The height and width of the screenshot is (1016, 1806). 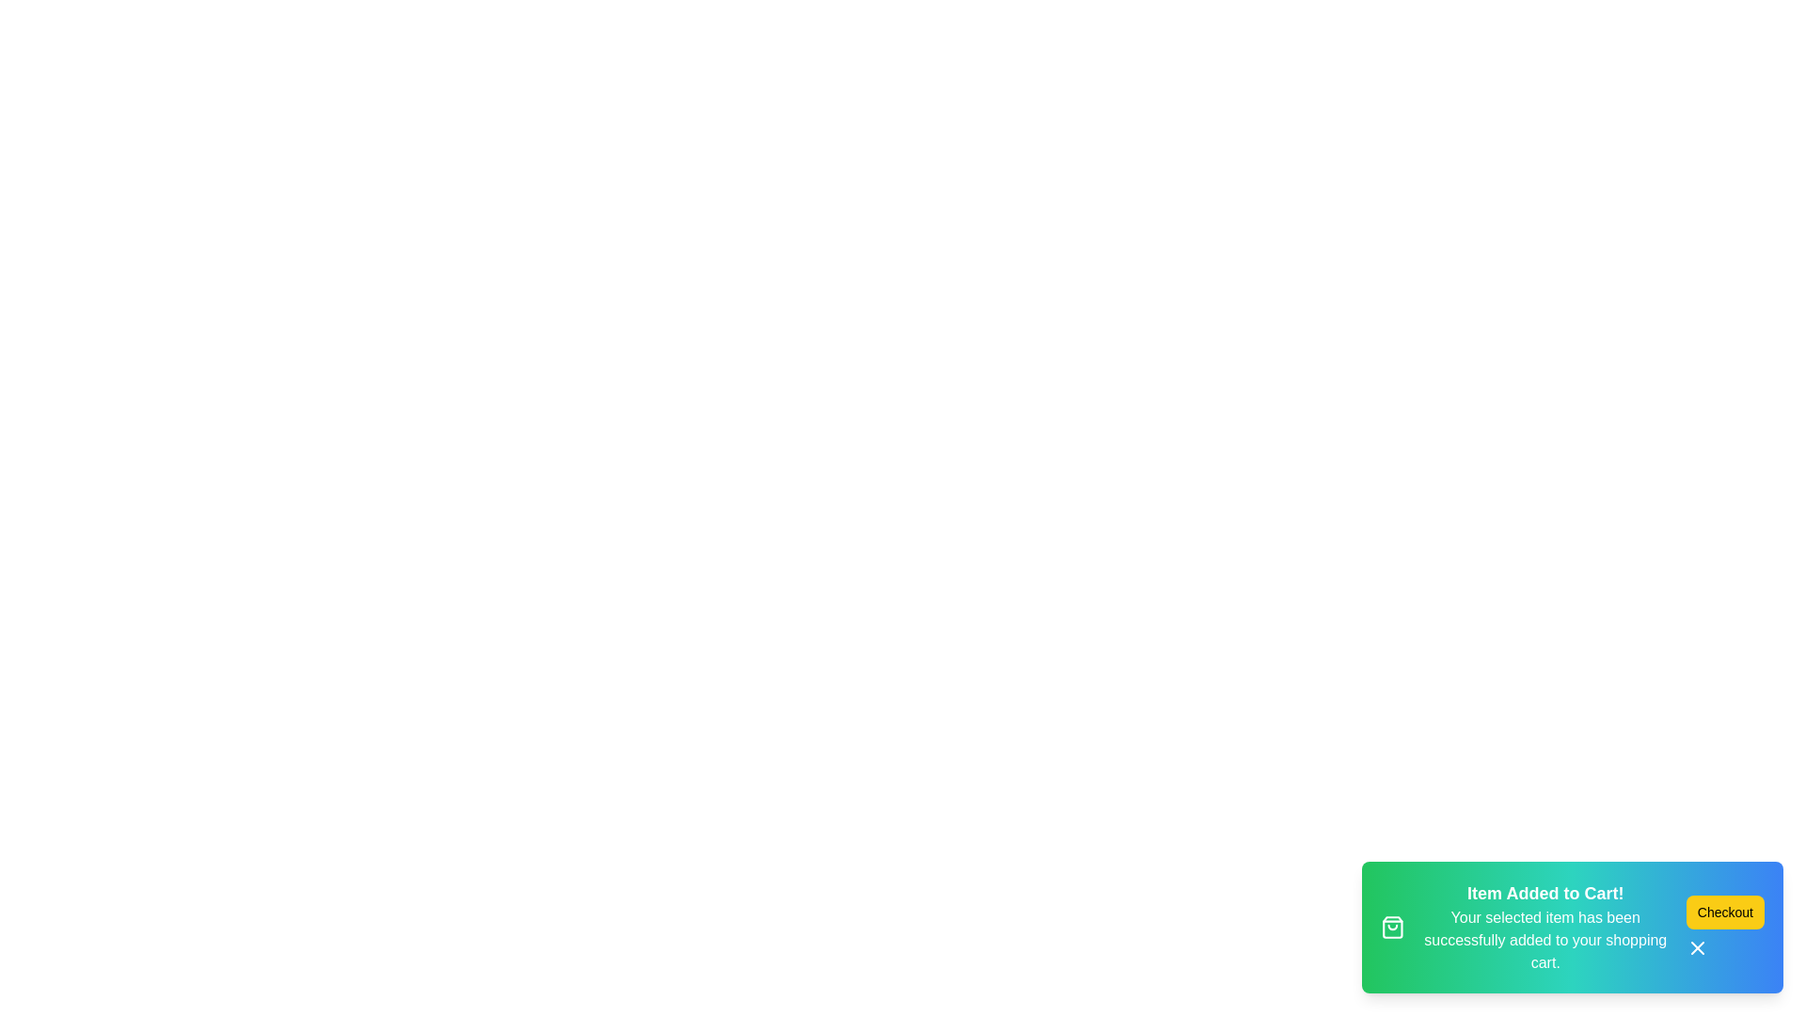 What do you see at coordinates (1724, 911) in the screenshot?
I see `'Checkout' button to proceed to checkout` at bounding box center [1724, 911].